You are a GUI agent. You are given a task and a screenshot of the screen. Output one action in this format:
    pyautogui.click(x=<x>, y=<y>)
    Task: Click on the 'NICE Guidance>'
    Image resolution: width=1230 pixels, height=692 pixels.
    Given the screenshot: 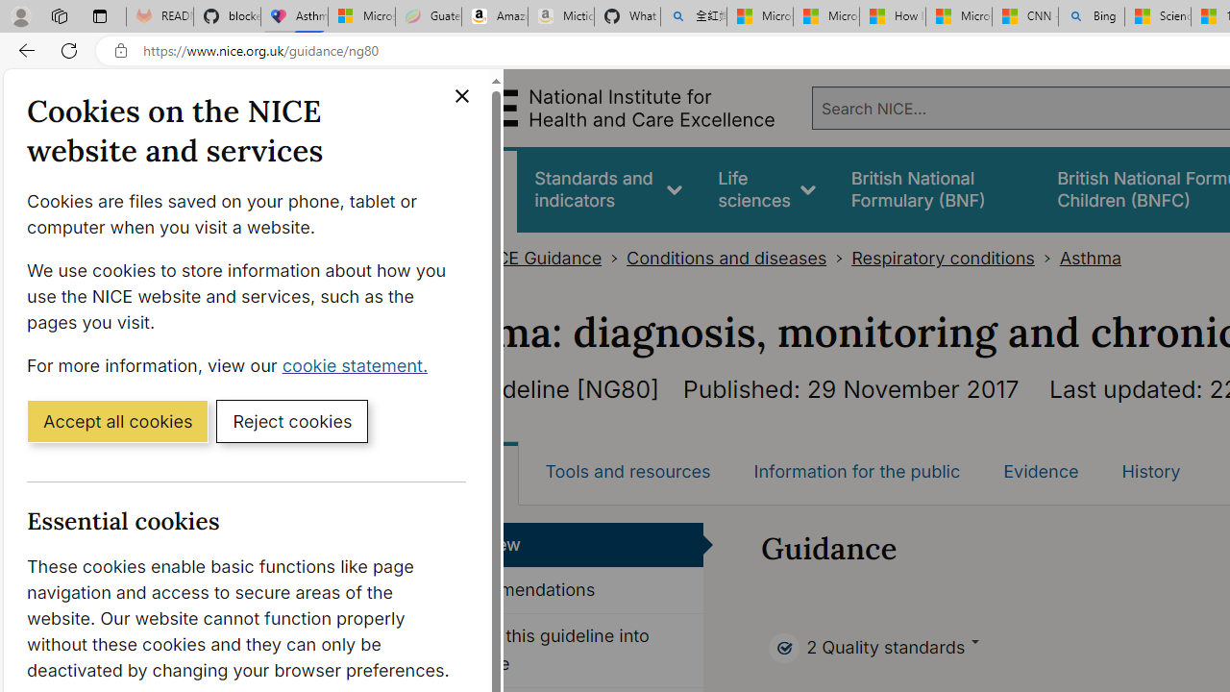 What is the action you would take?
    pyautogui.click(x=551, y=258)
    